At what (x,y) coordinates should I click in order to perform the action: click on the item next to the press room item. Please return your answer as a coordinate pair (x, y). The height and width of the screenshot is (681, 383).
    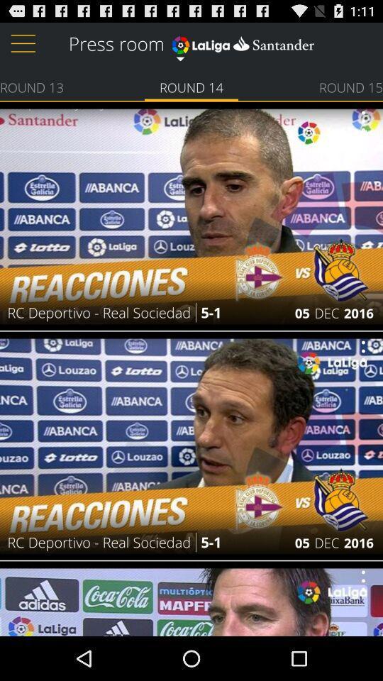
    Looking at the image, I should click on (242, 41).